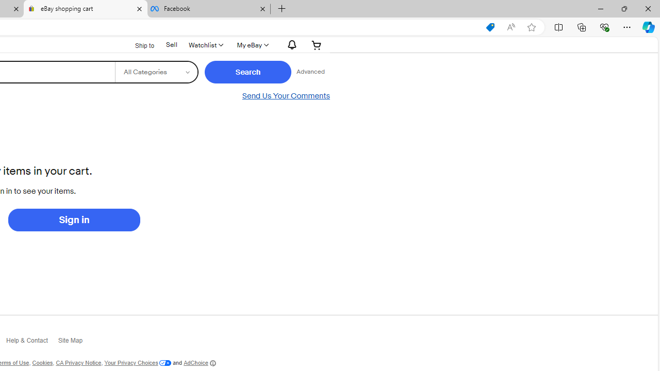 This screenshot has width=660, height=371. What do you see at coordinates (171, 44) in the screenshot?
I see `'Sell'` at bounding box center [171, 44].